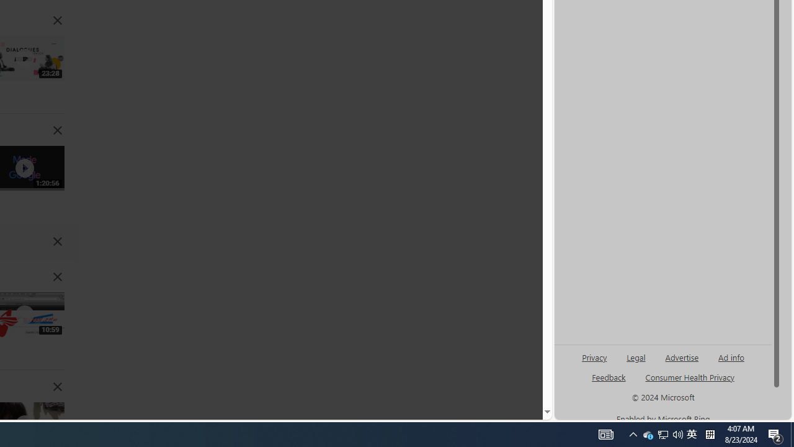 This screenshot has width=794, height=447. I want to click on 'AutomationID: sb_feedback', so click(609, 376).